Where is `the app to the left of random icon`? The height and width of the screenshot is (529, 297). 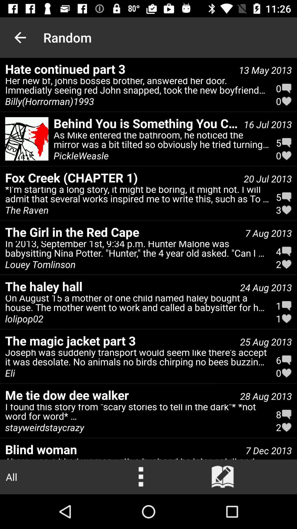 the app to the left of random icon is located at coordinates (20, 37).